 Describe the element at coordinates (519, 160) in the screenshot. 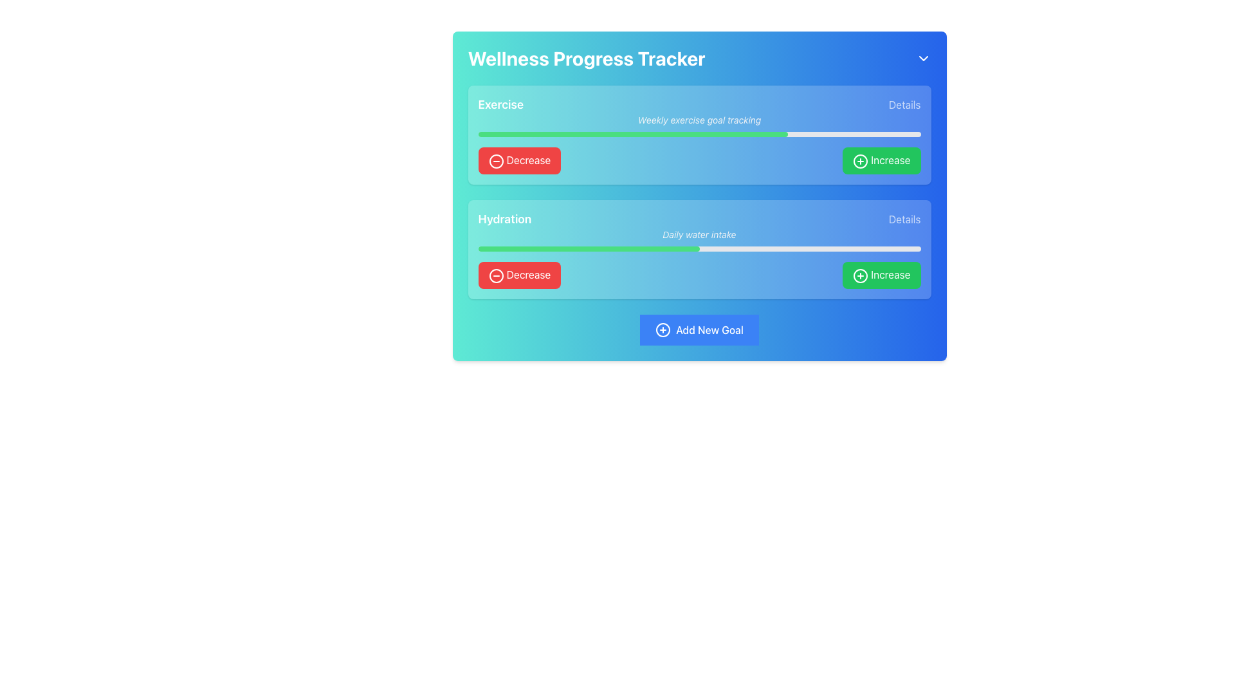

I see `the 'Decrease' button with a red background and a minus icon to activate accessibility features` at that location.